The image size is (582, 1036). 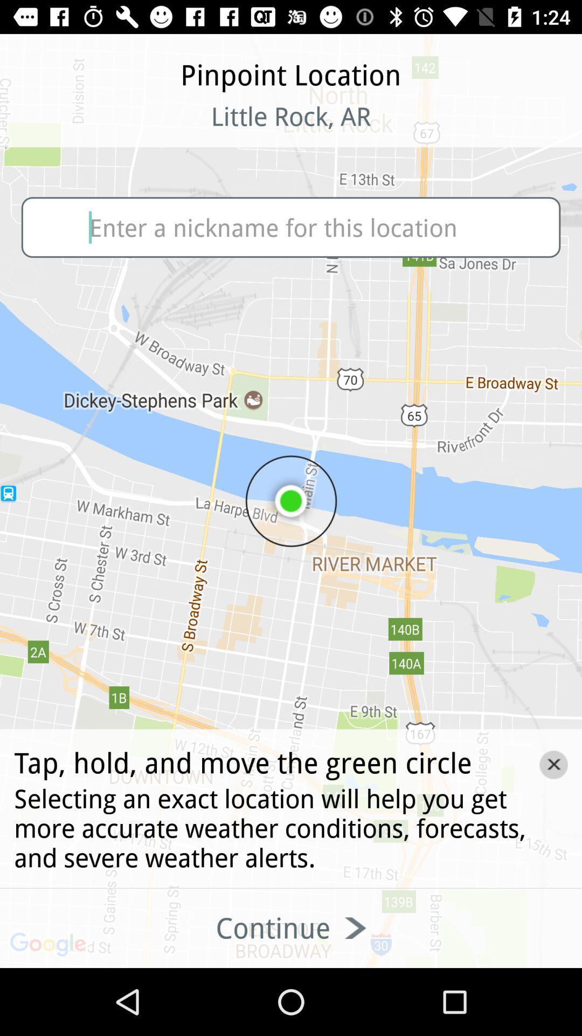 What do you see at coordinates (71, 129) in the screenshot?
I see `the more icon` at bounding box center [71, 129].